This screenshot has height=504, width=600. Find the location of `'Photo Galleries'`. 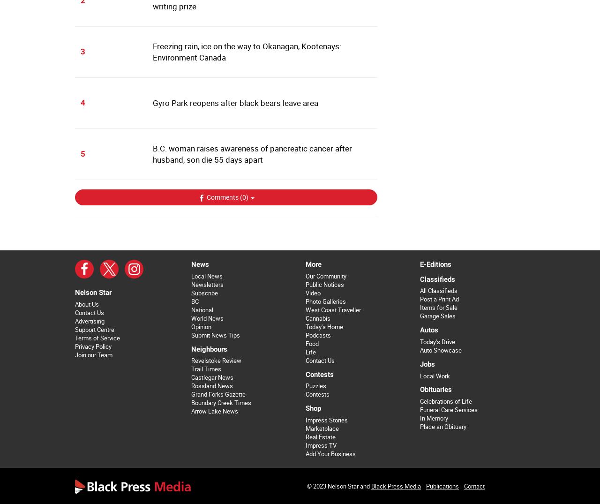

'Photo Galleries' is located at coordinates (325, 301).